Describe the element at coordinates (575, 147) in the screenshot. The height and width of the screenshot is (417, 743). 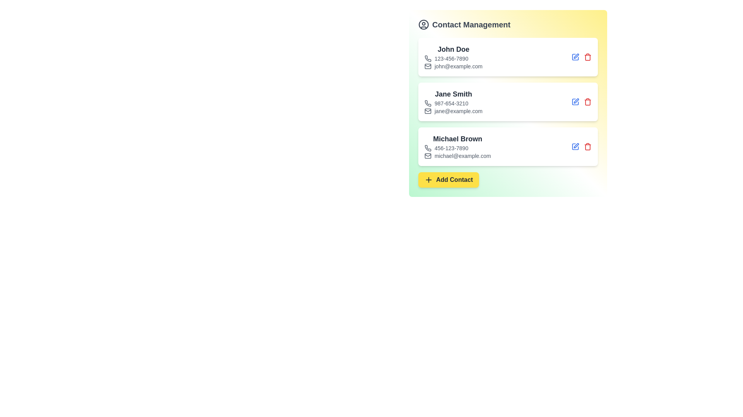
I see `the edit button for the contact with name Michael Brown` at that location.